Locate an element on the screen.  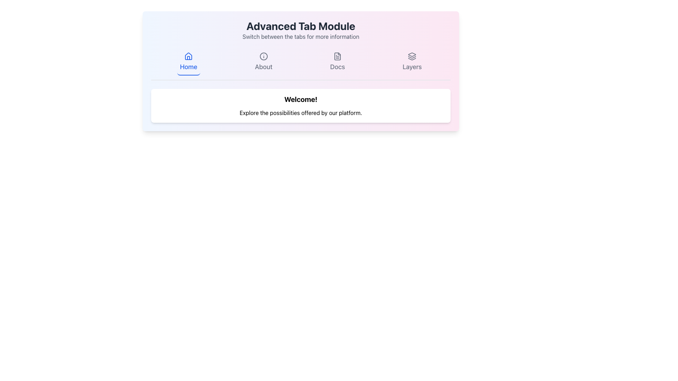
Navigation Bar located directly below the 'Advanced Tab Module' section header for detailed information is located at coordinates (301, 65).